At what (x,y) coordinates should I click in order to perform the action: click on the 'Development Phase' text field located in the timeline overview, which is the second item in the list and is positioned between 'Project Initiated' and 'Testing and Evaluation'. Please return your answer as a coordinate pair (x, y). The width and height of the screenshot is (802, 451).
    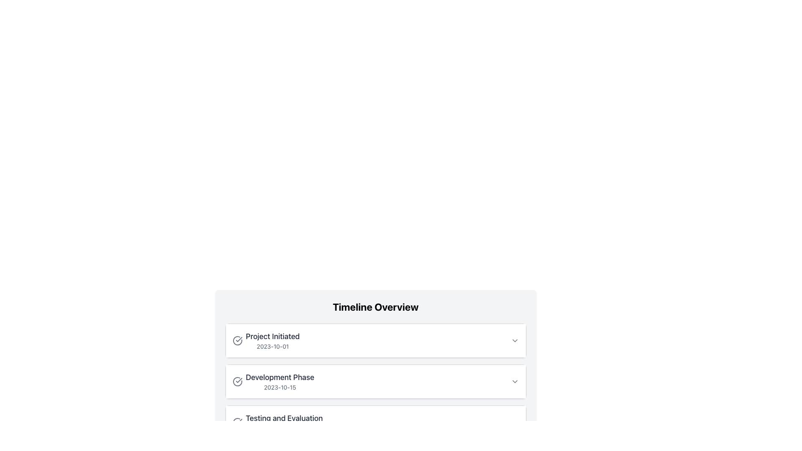
    Looking at the image, I should click on (280, 382).